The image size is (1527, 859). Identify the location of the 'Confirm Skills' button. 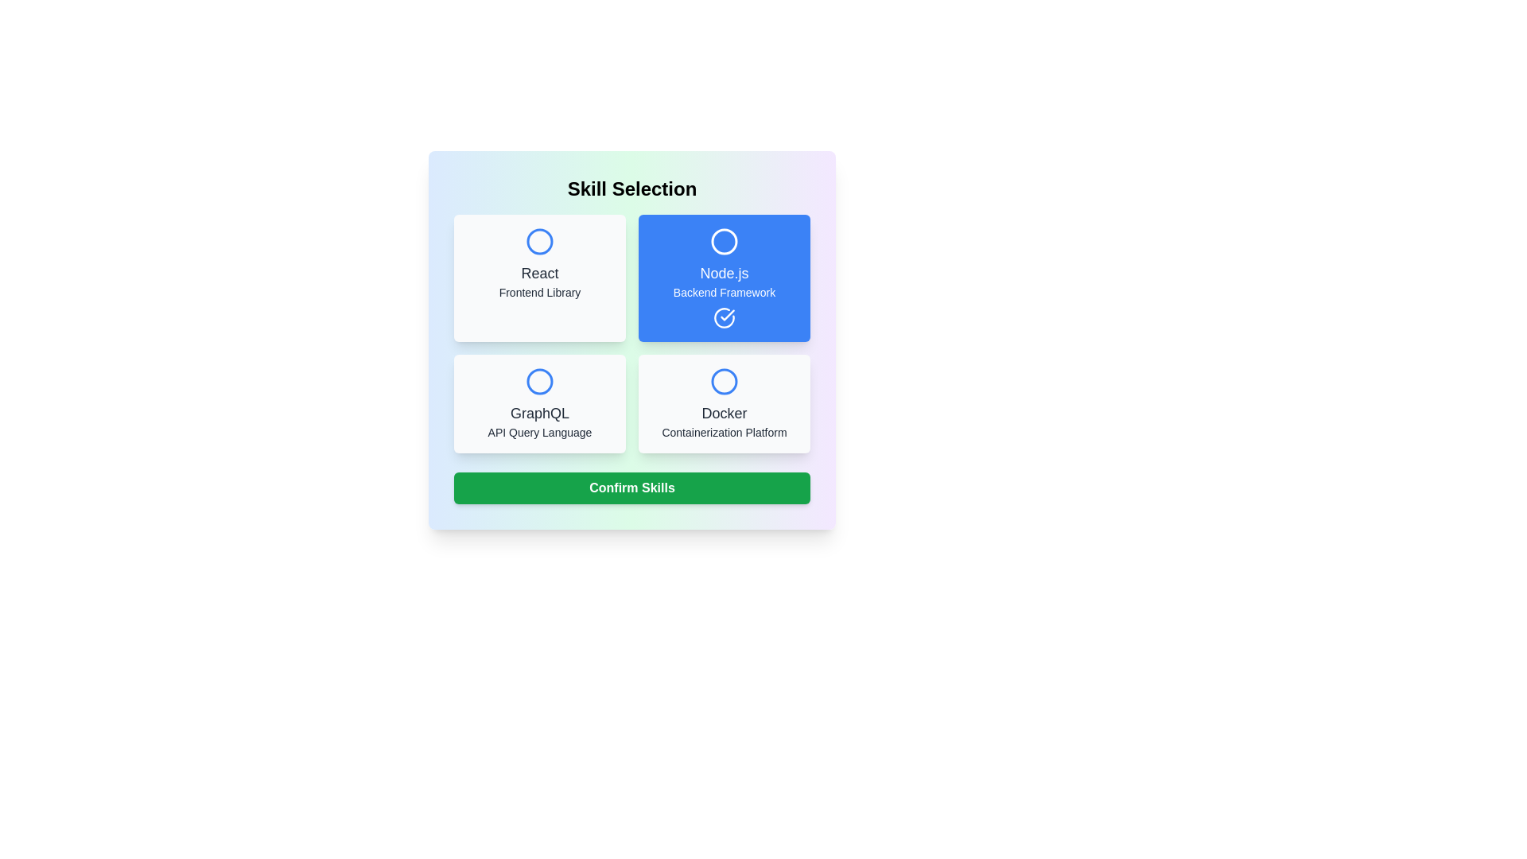
(631, 487).